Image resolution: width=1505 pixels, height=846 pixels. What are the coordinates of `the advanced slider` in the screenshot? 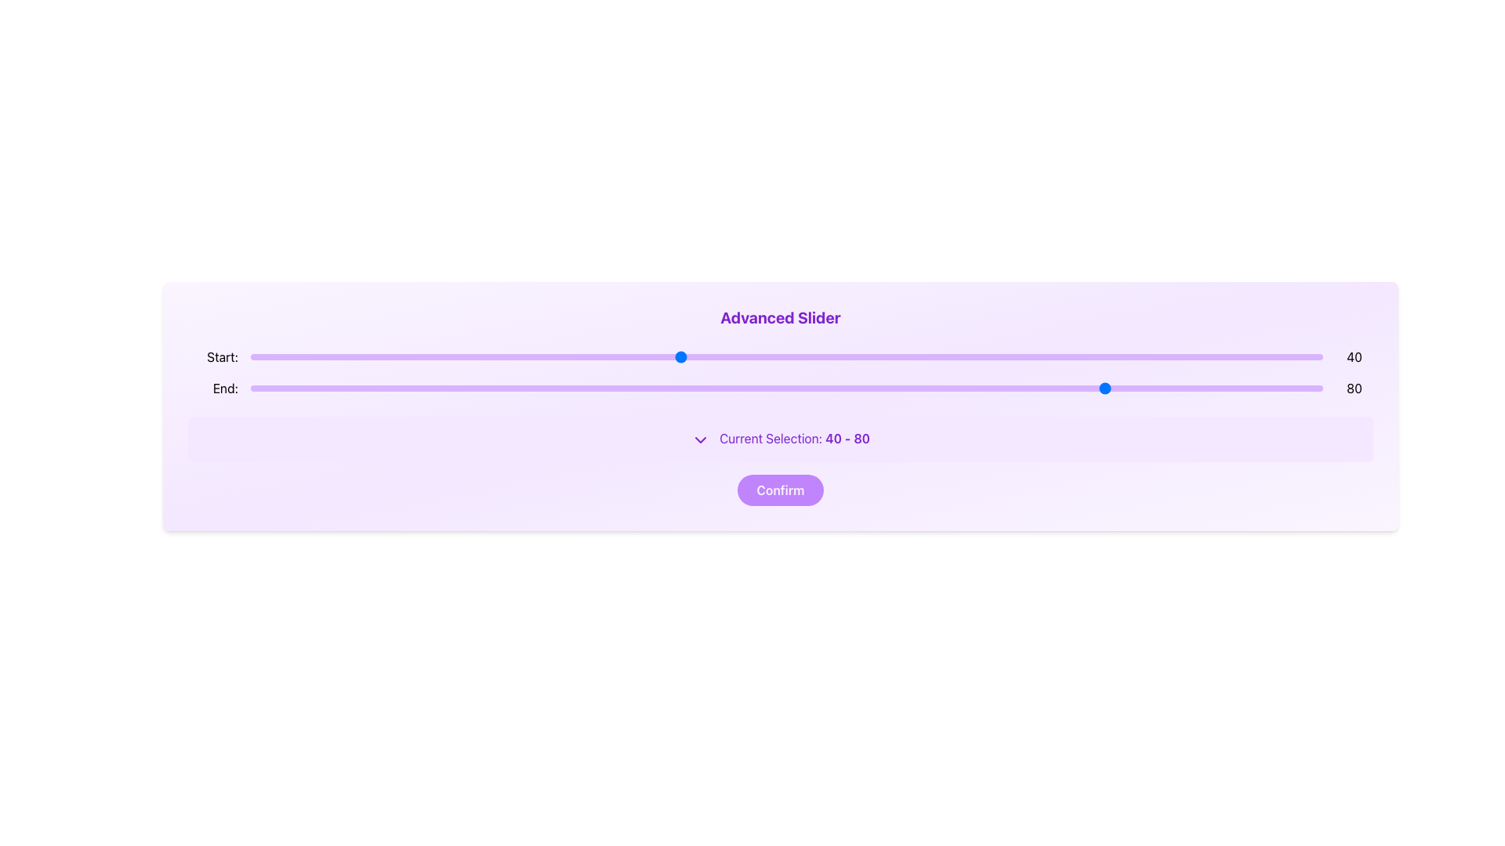 It's located at (540, 356).